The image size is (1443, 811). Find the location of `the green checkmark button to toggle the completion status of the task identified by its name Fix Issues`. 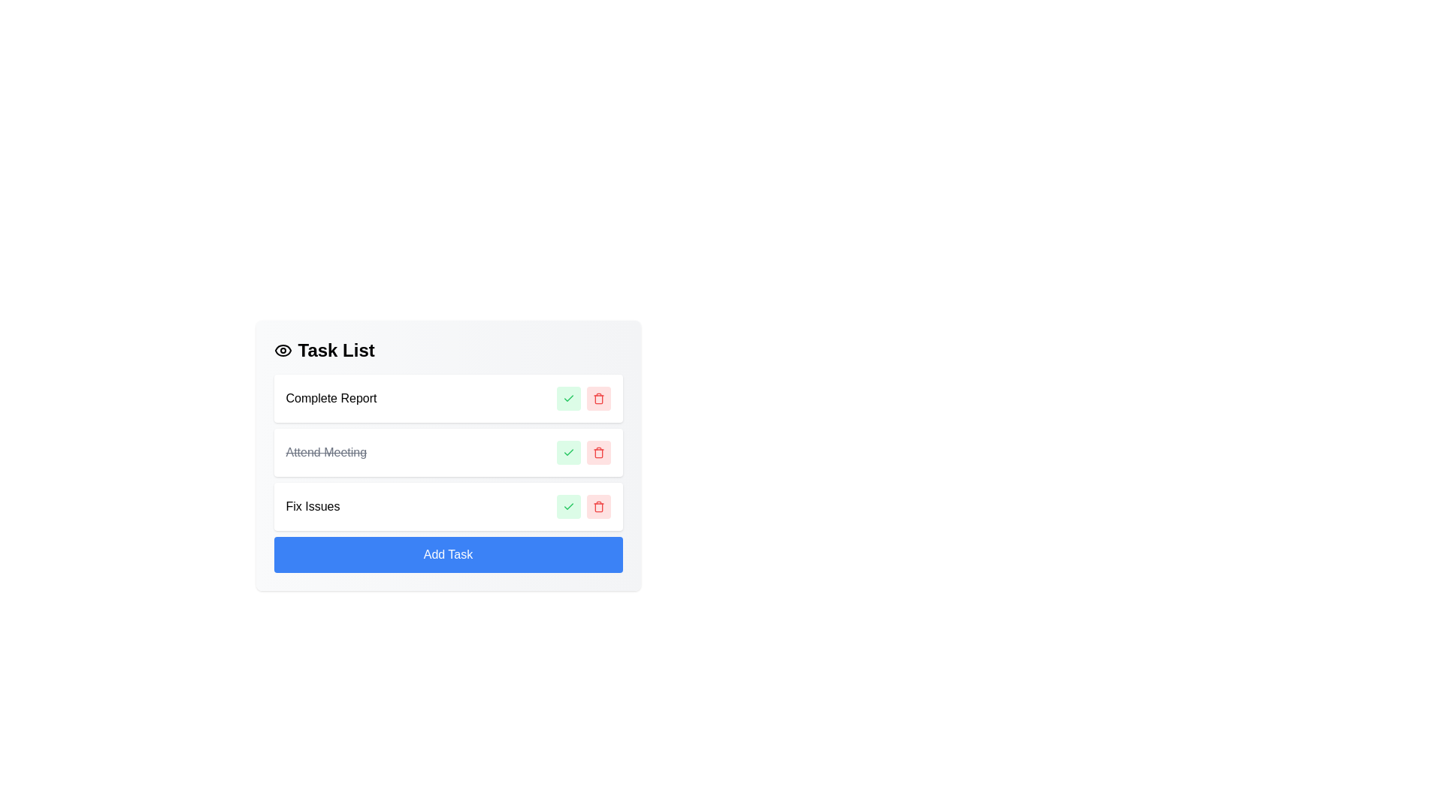

the green checkmark button to toggle the completion status of the task identified by its name Fix Issues is located at coordinates (567, 507).